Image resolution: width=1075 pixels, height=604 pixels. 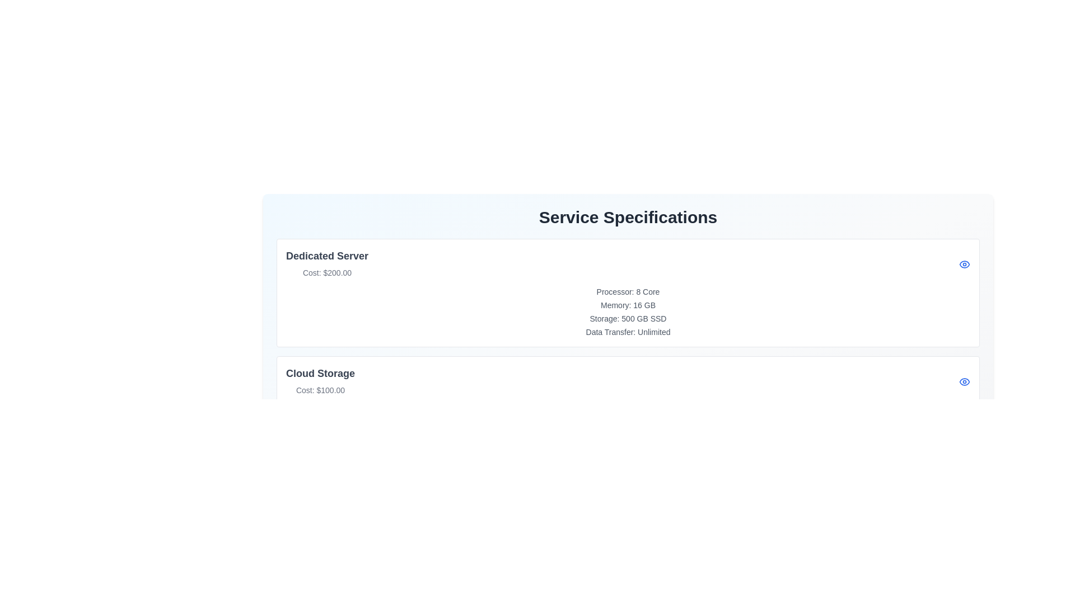 What do you see at coordinates (320, 381) in the screenshot?
I see `the 'Cloud Storage' text block that displays information about the service and its cost, located below the 'Dedicated Server' section and is the leftmost text entry among its siblings` at bounding box center [320, 381].